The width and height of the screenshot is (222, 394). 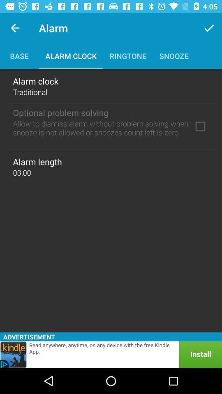 I want to click on icon above the alarm clock icon, so click(x=209, y=28).